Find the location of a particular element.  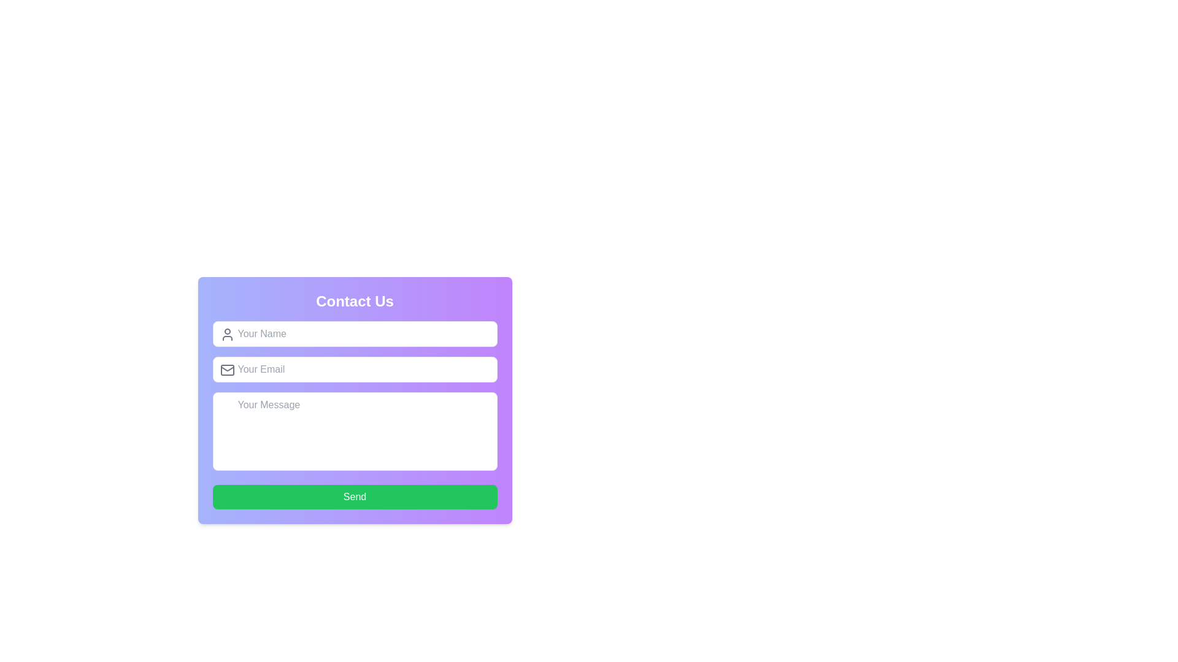

the icon located to the left of the 'Your Name' text input field in the contact form, which indicates that the associated input field is for a user's name is located at coordinates (227, 335).